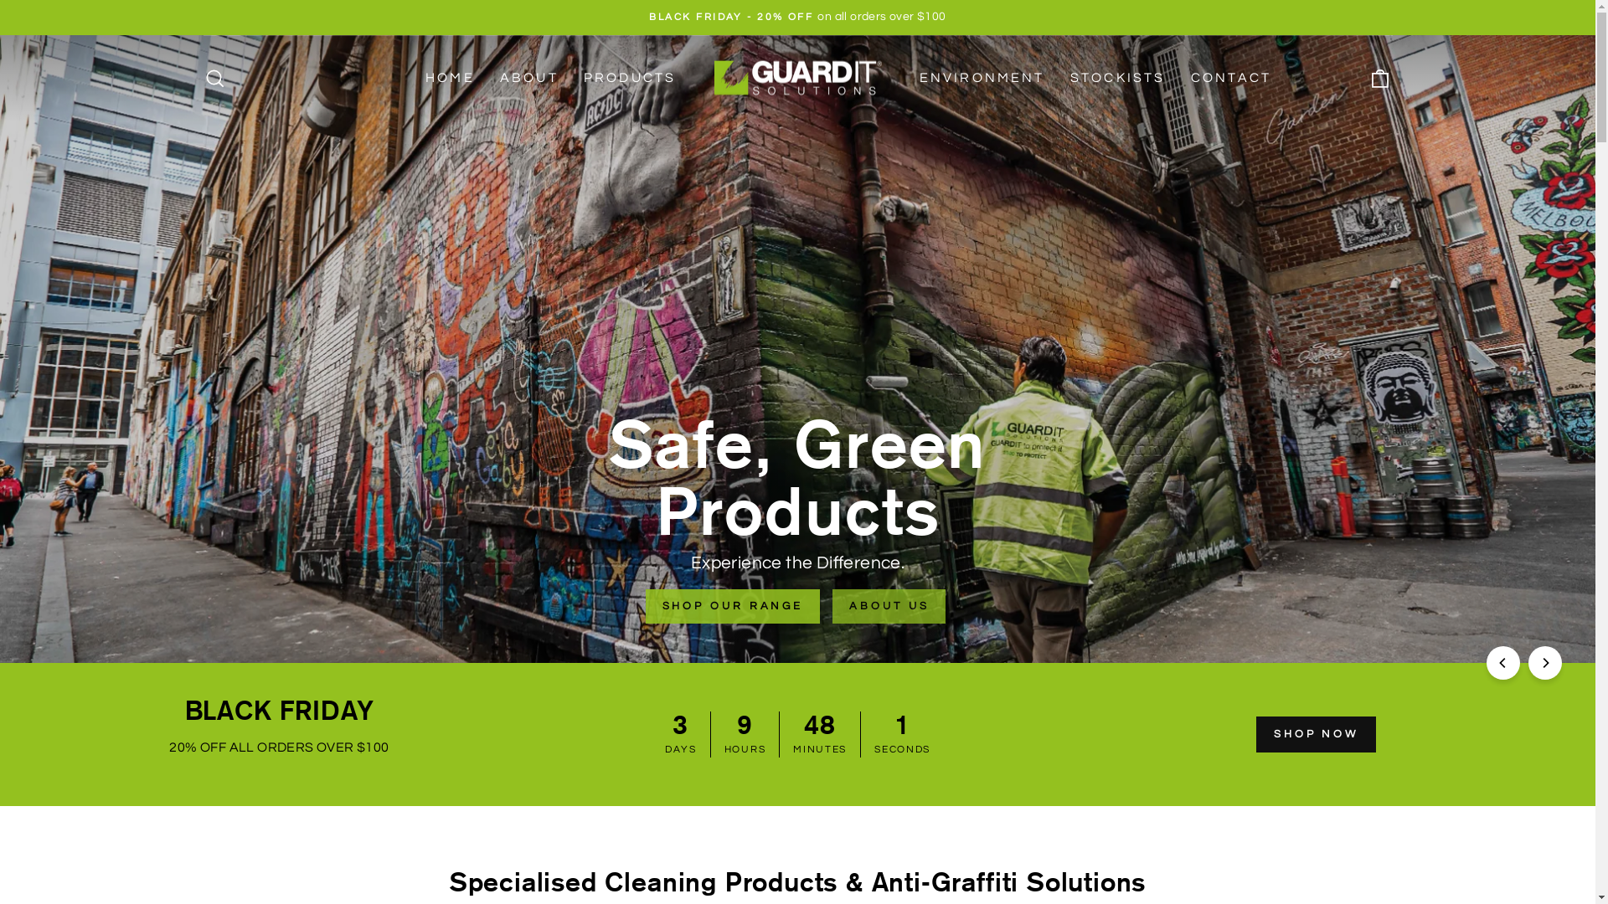  What do you see at coordinates (1056, 79) in the screenshot?
I see `'STOCKISTS'` at bounding box center [1056, 79].